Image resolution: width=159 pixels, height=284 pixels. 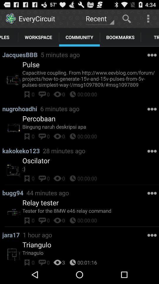 What do you see at coordinates (12, 235) in the screenshot?
I see `the app above triangulo` at bounding box center [12, 235].